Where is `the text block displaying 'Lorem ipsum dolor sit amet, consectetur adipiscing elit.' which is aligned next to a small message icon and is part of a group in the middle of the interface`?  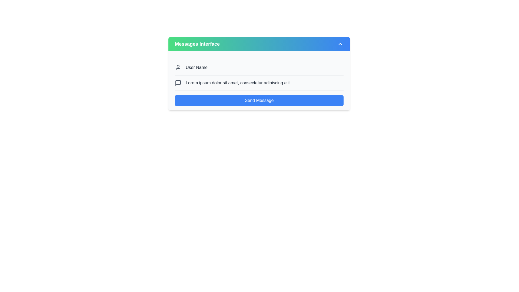 the text block displaying 'Lorem ipsum dolor sit amet, consectetur adipiscing elit.' which is aligned next to a small message icon and is part of a group in the middle of the interface is located at coordinates (238, 83).